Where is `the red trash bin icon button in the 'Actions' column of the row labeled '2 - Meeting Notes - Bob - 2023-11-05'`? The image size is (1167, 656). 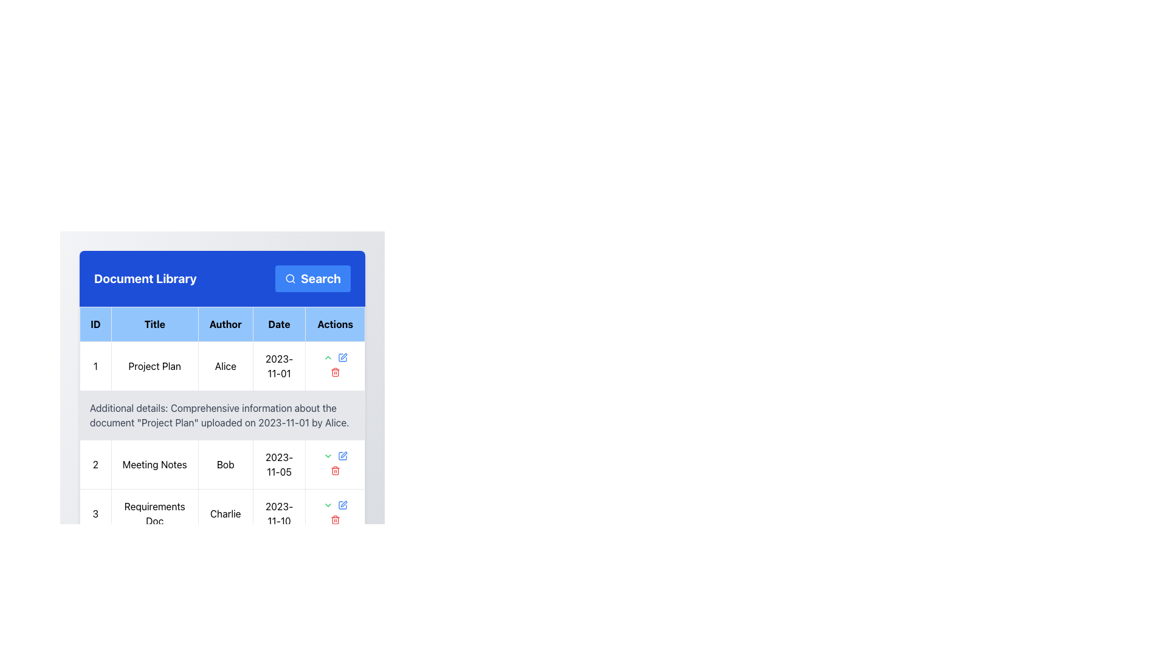 the red trash bin icon button in the 'Actions' column of the row labeled '2 - Meeting Notes - Bob - 2023-11-05' is located at coordinates (335, 464).